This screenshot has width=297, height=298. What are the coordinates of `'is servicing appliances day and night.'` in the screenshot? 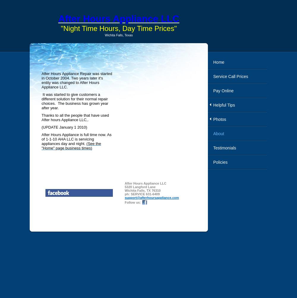 It's located at (42, 141).